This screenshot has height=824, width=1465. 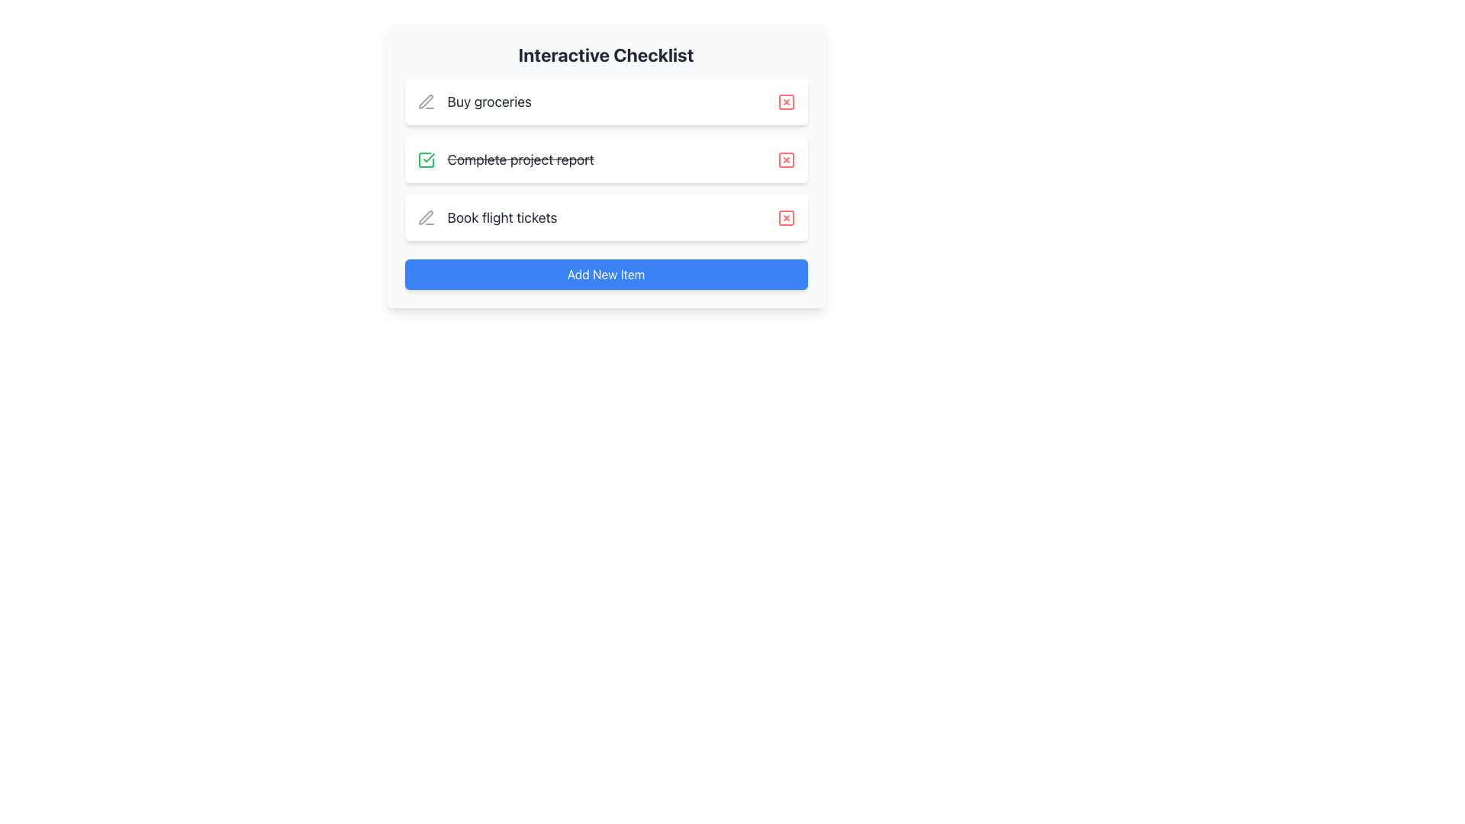 I want to click on the completed task 'Complete project report' in the checklist, so click(x=605, y=159).